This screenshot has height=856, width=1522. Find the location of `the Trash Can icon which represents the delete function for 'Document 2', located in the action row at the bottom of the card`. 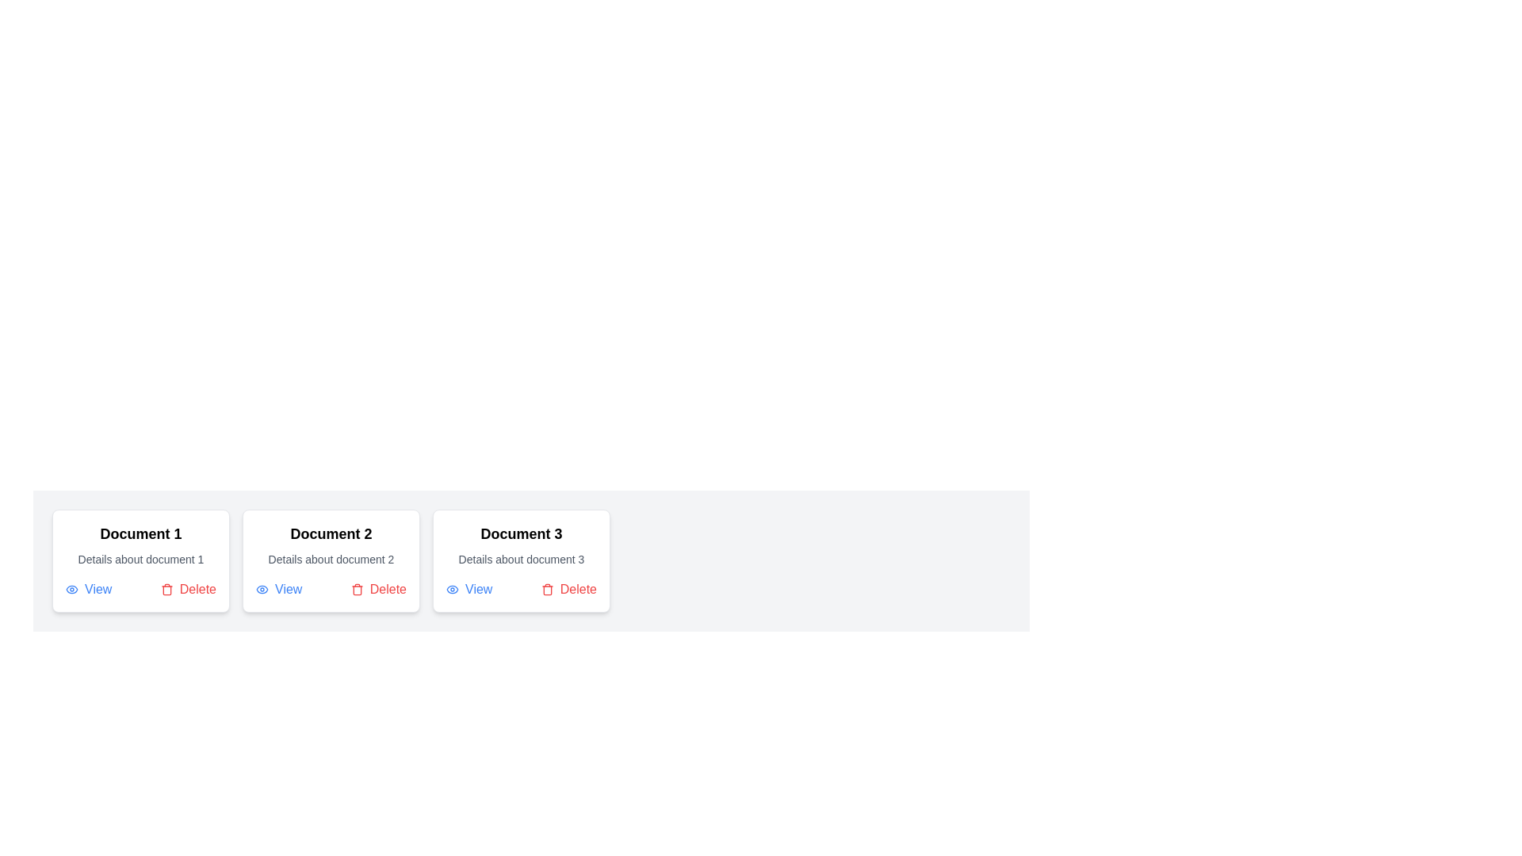

the Trash Can icon which represents the delete function for 'Document 2', located in the action row at the bottom of the card is located at coordinates (356, 590).